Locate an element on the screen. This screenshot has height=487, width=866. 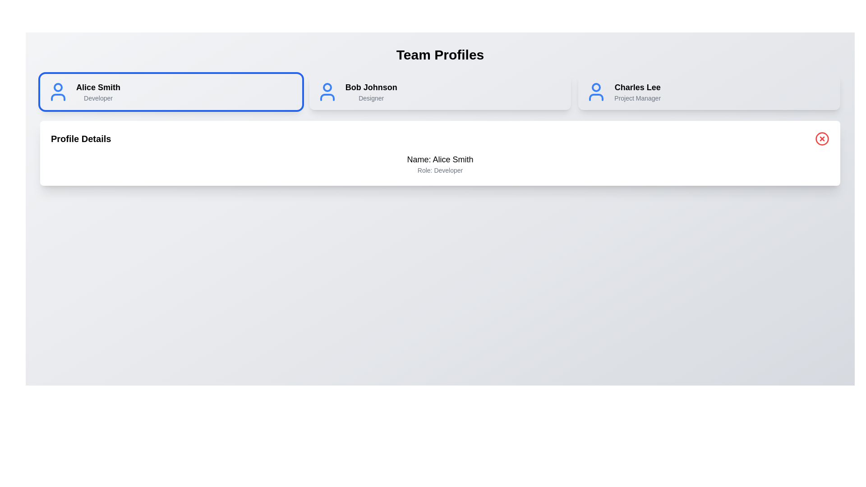
the gray text label displaying 'Project Manager', which is positioned directly below 'Charles Lee' in the 'Team Profiles' section is located at coordinates (637, 98).